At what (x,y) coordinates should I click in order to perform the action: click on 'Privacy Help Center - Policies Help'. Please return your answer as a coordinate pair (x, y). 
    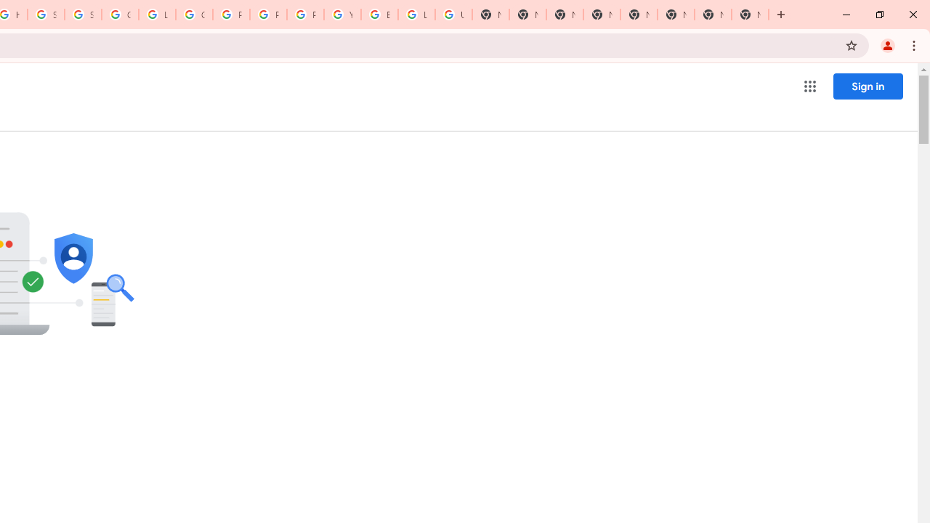
    Looking at the image, I should click on (230, 15).